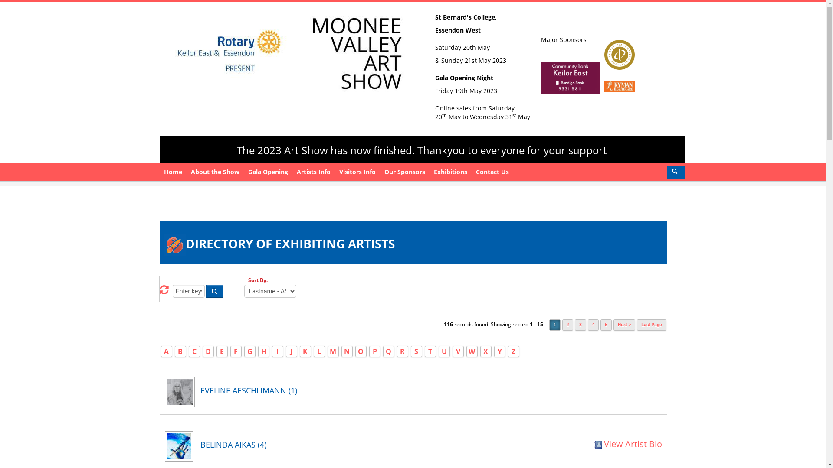  What do you see at coordinates (580, 325) in the screenshot?
I see `'3'` at bounding box center [580, 325].